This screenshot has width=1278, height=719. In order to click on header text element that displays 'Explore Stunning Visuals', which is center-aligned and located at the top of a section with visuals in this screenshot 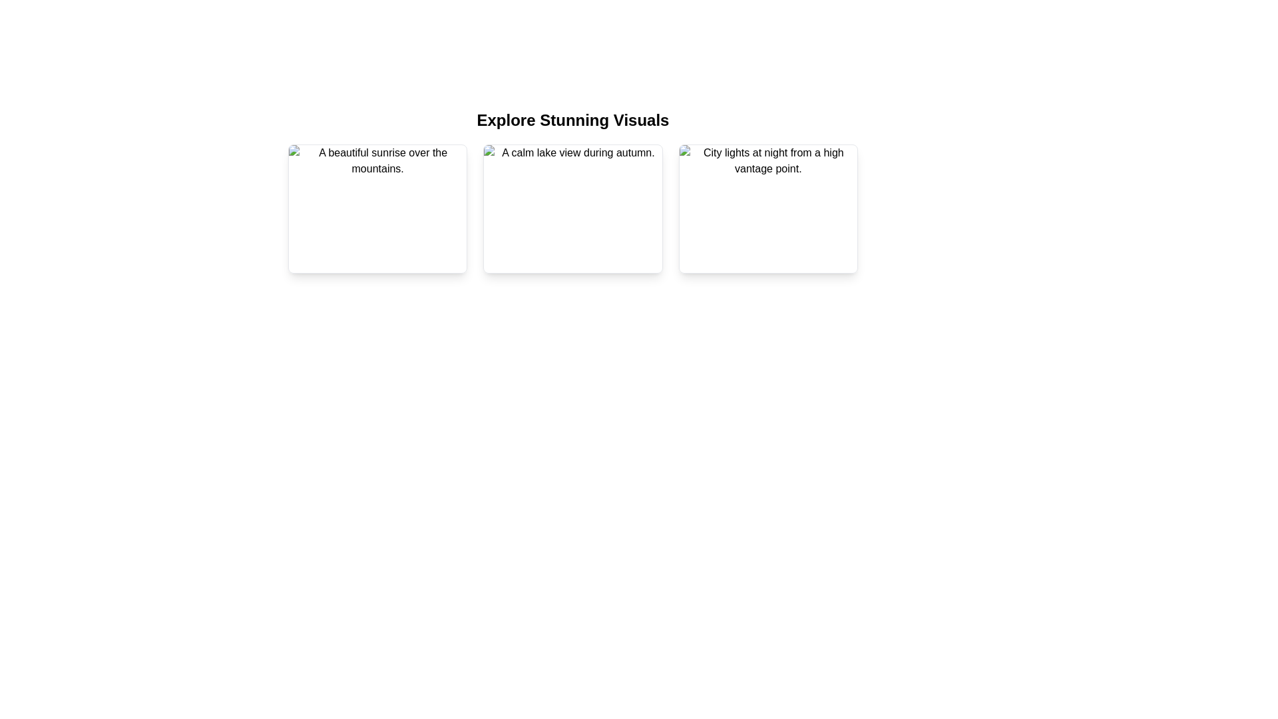, I will do `click(572, 120)`.